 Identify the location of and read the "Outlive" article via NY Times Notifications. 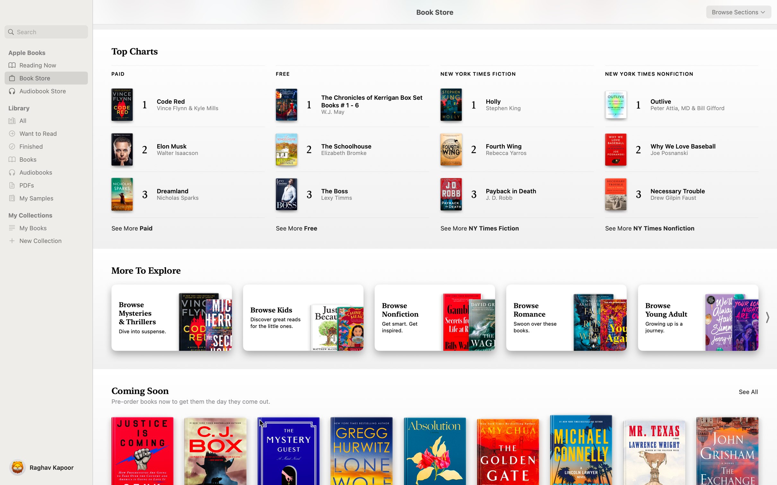
(675, 104).